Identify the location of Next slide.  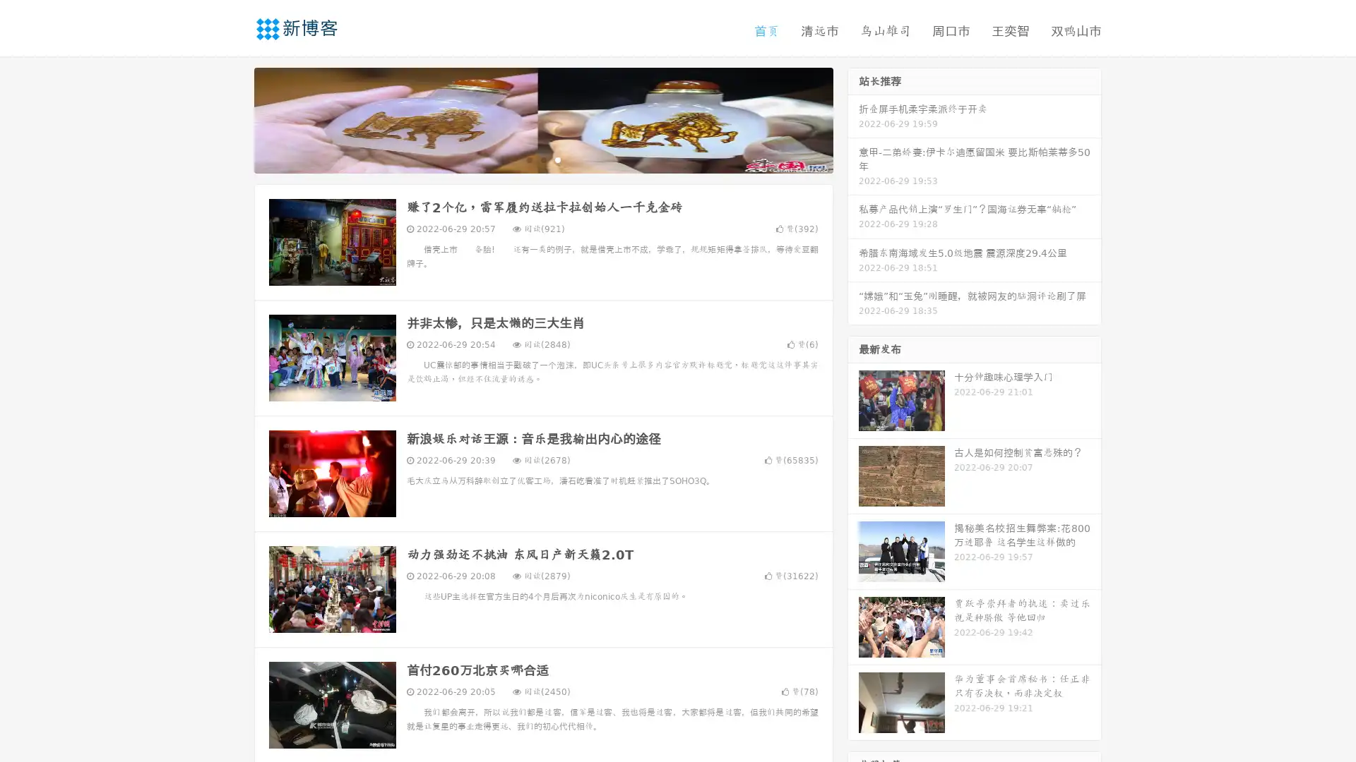
(853, 119).